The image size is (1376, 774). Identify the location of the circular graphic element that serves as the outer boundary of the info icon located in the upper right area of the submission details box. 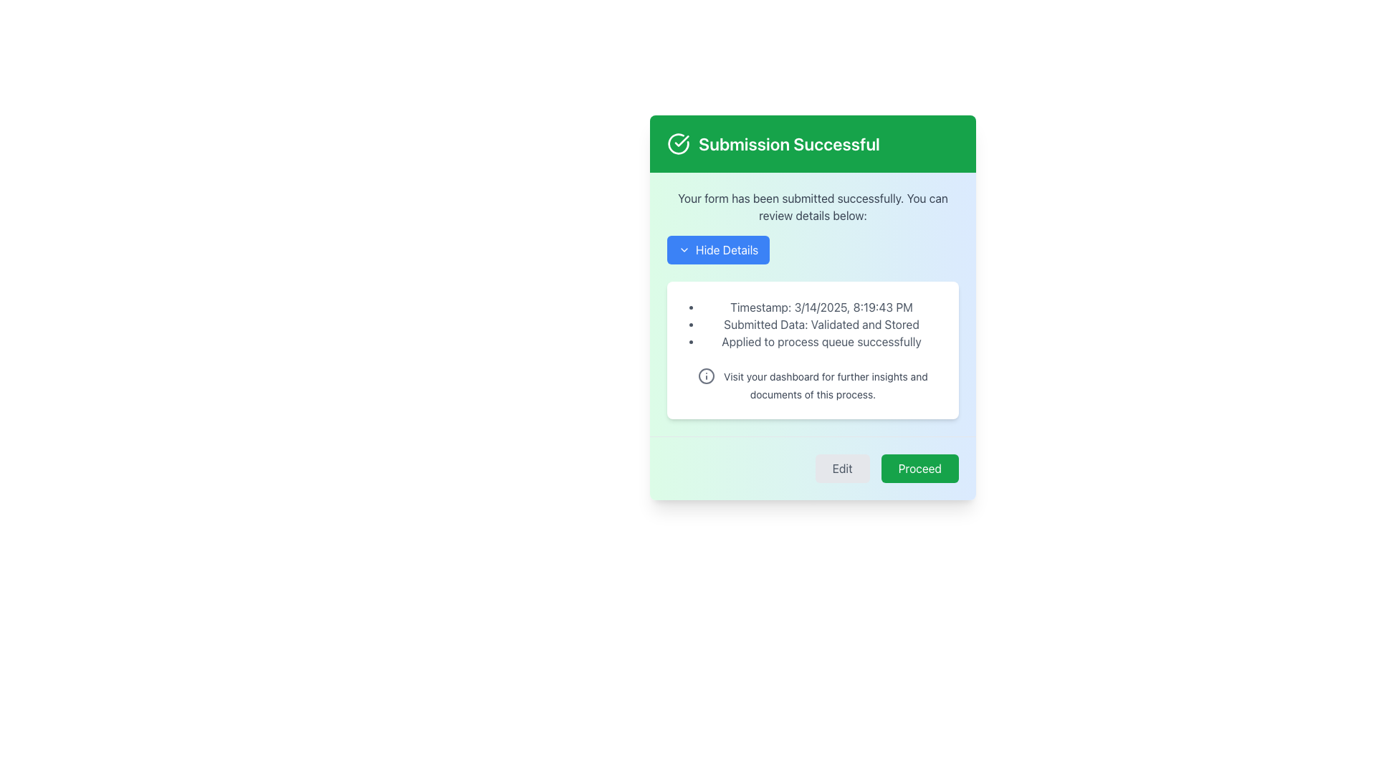
(707, 375).